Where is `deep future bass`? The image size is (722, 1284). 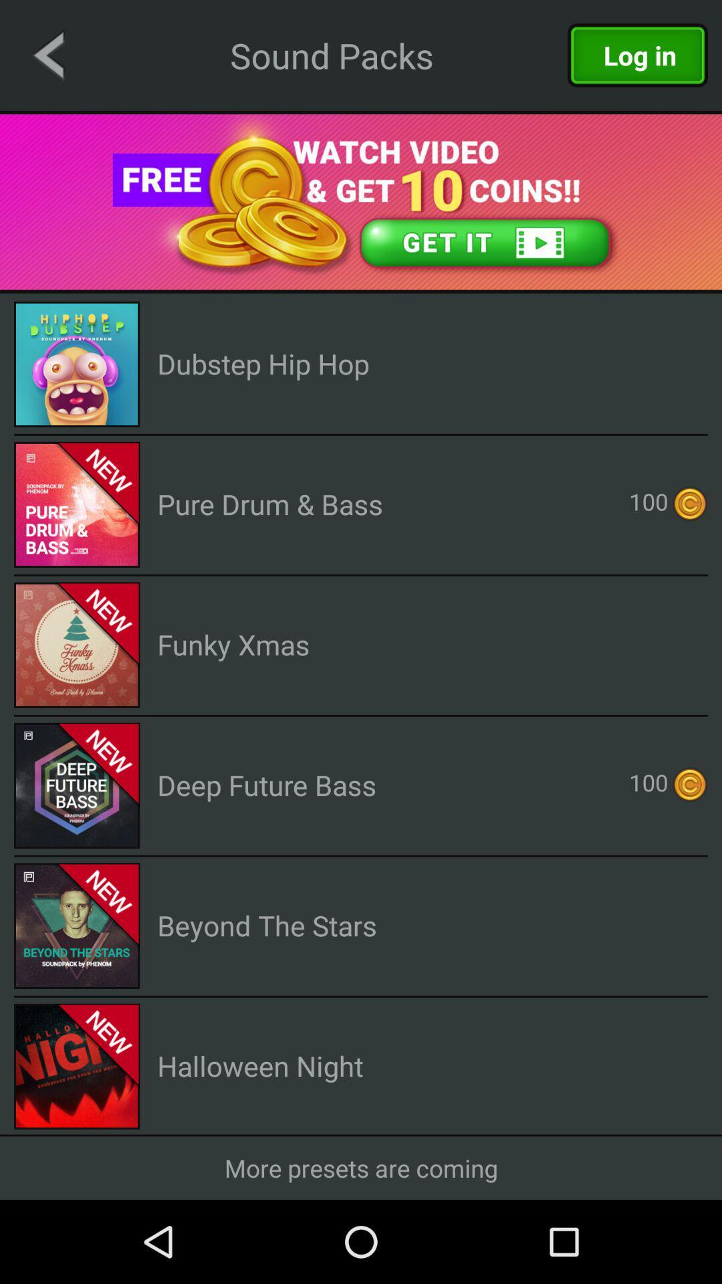
deep future bass is located at coordinates (267, 784).